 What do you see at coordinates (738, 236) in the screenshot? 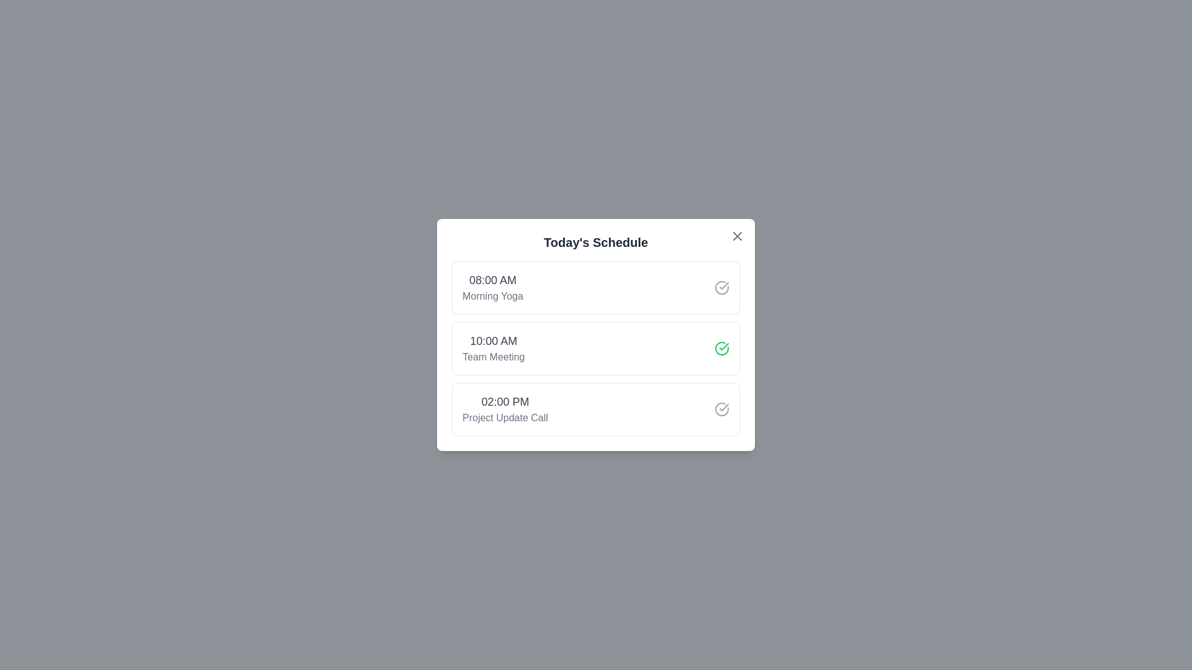
I see `the close button located at the top-right corner of the schedule modal` at bounding box center [738, 236].